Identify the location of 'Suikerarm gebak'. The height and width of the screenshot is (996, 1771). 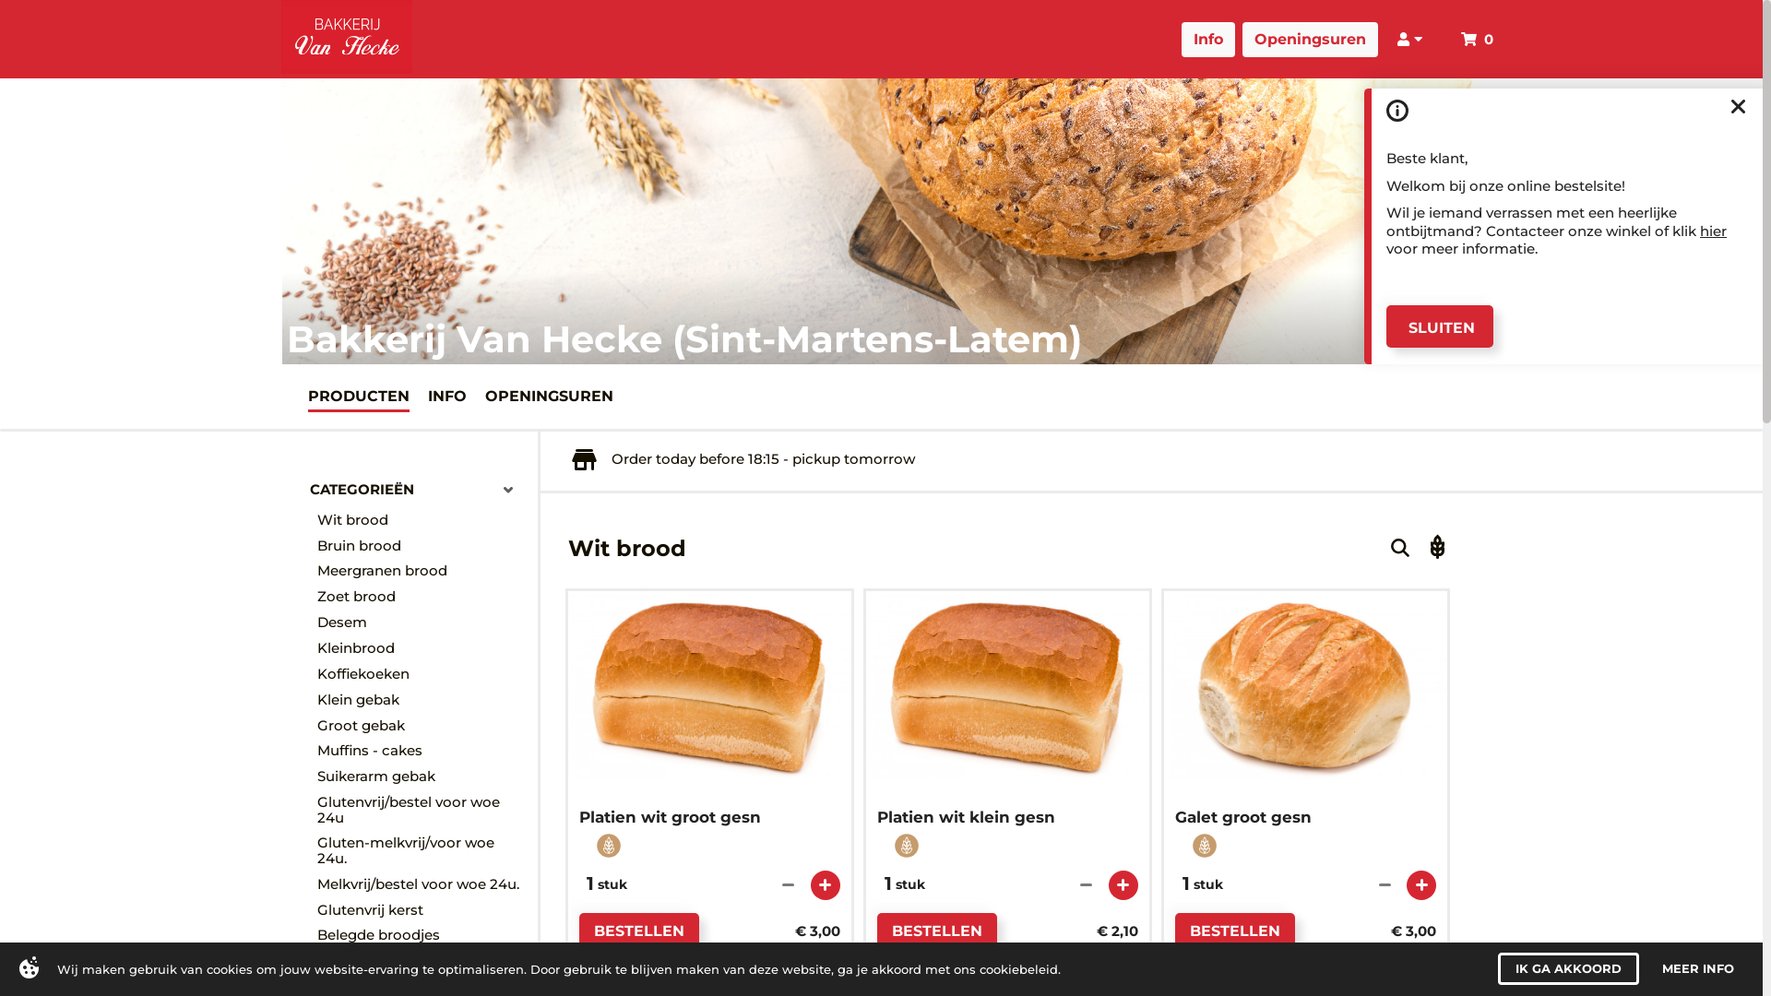
(421, 776).